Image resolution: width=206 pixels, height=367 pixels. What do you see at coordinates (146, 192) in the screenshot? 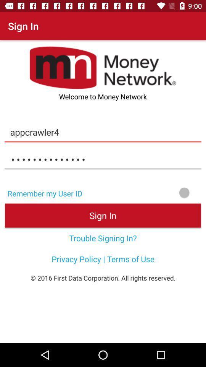
I see `to remember user id` at bounding box center [146, 192].